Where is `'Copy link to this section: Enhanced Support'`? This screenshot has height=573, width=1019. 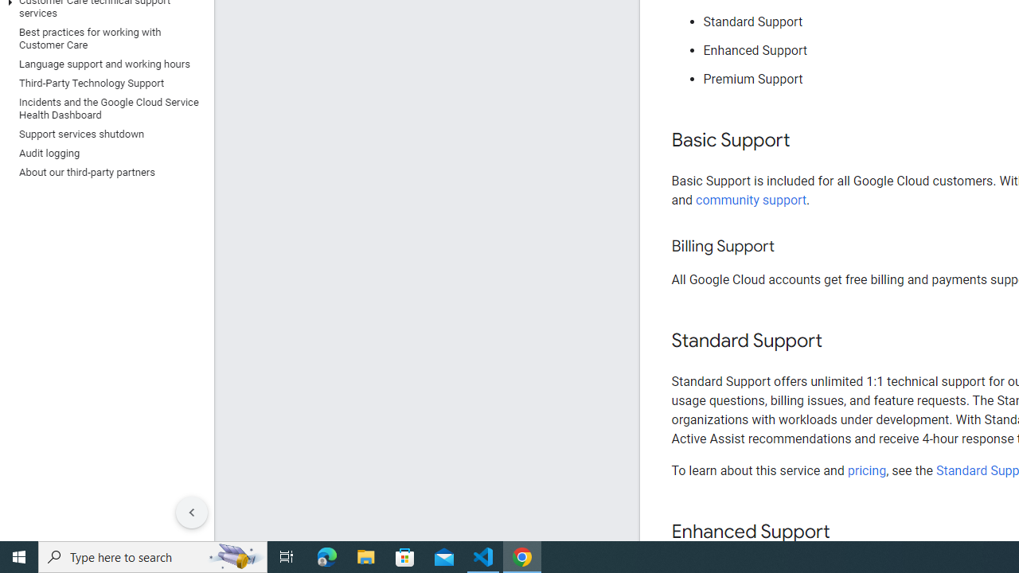
'Copy link to this section: Enhanced Support' is located at coordinates (845, 532).